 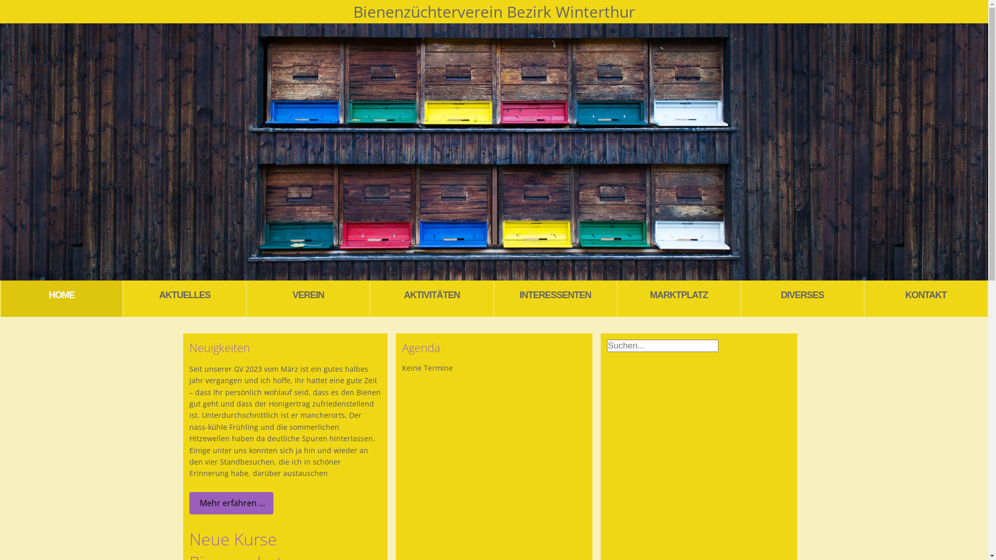 I want to click on 'AKTUELLES', so click(x=185, y=298).